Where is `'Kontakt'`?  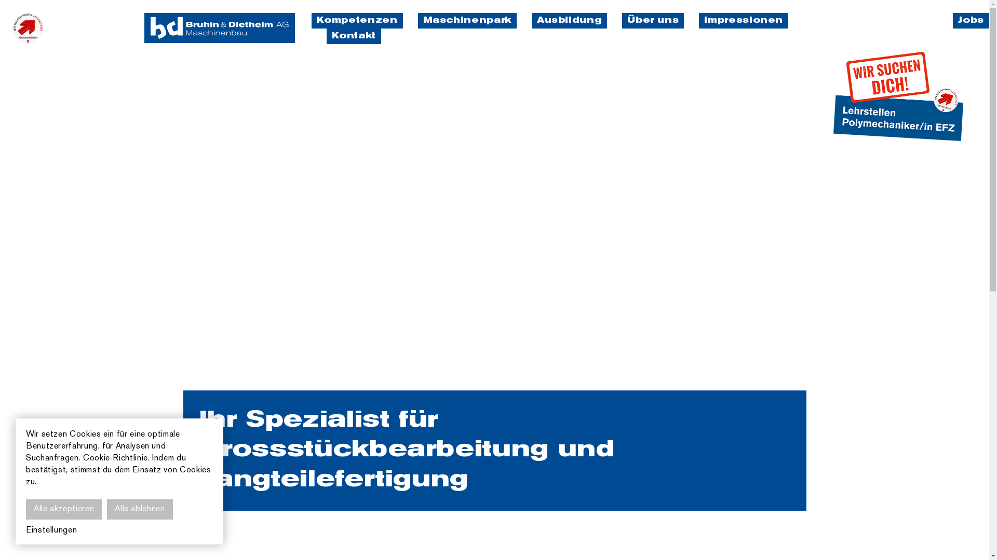 'Kontakt' is located at coordinates (353, 35).